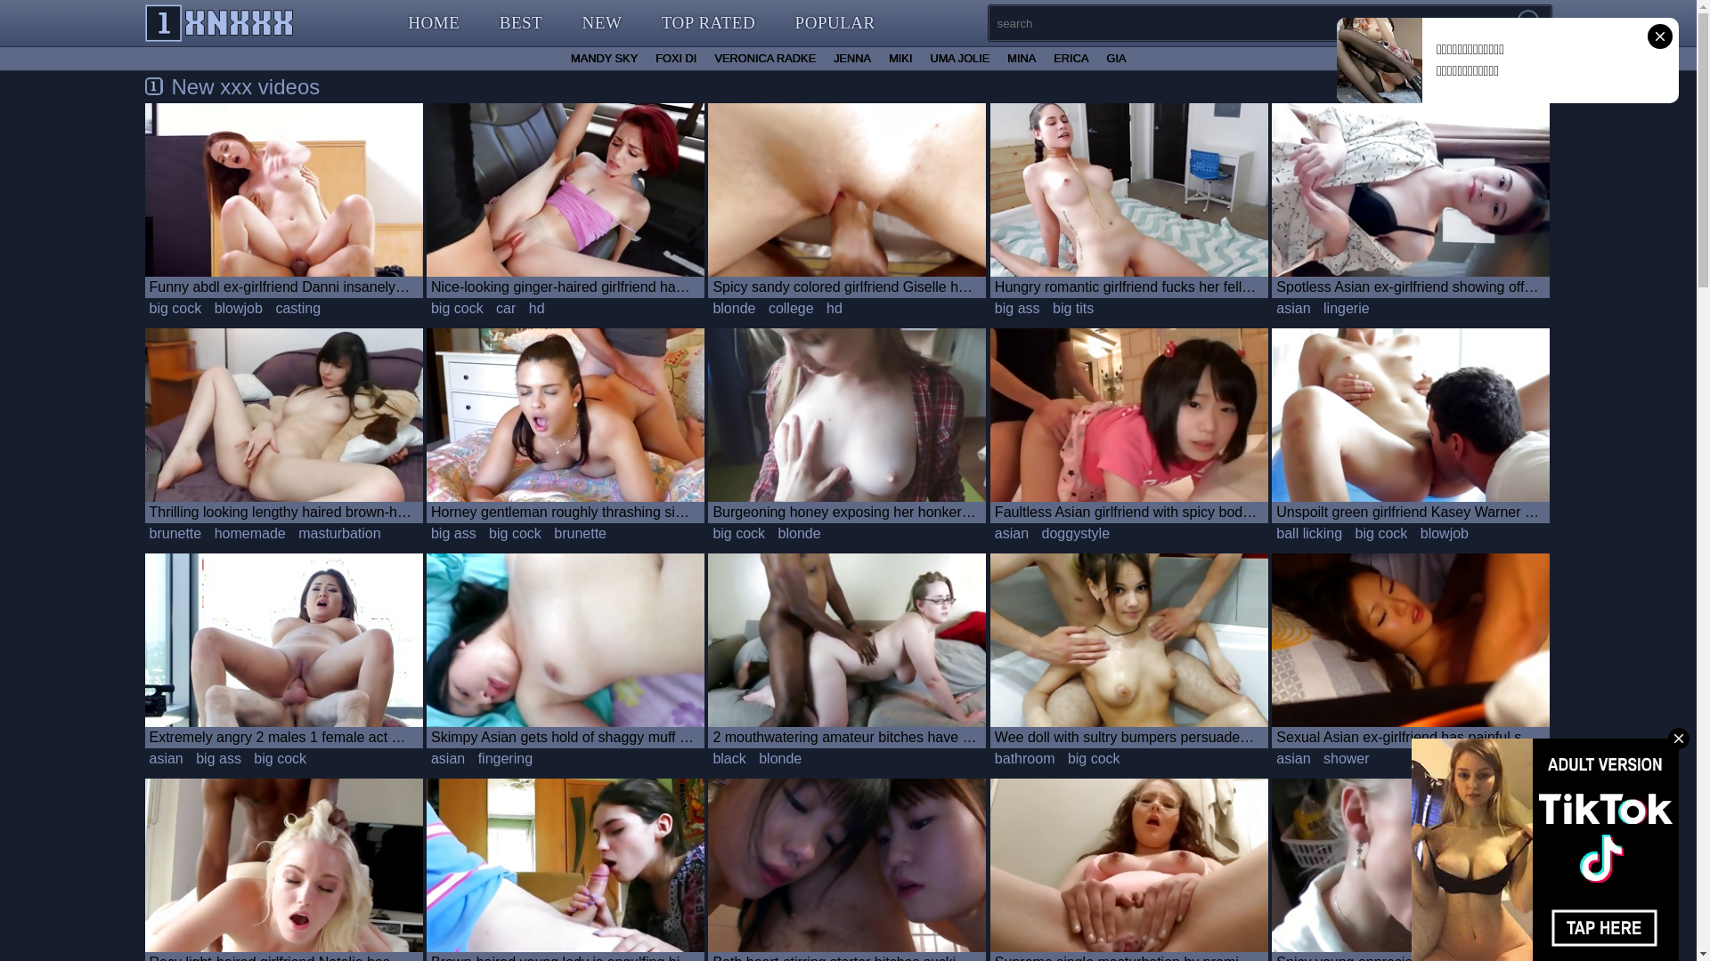  Describe the element at coordinates (238, 308) in the screenshot. I see `'blowjob'` at that location.